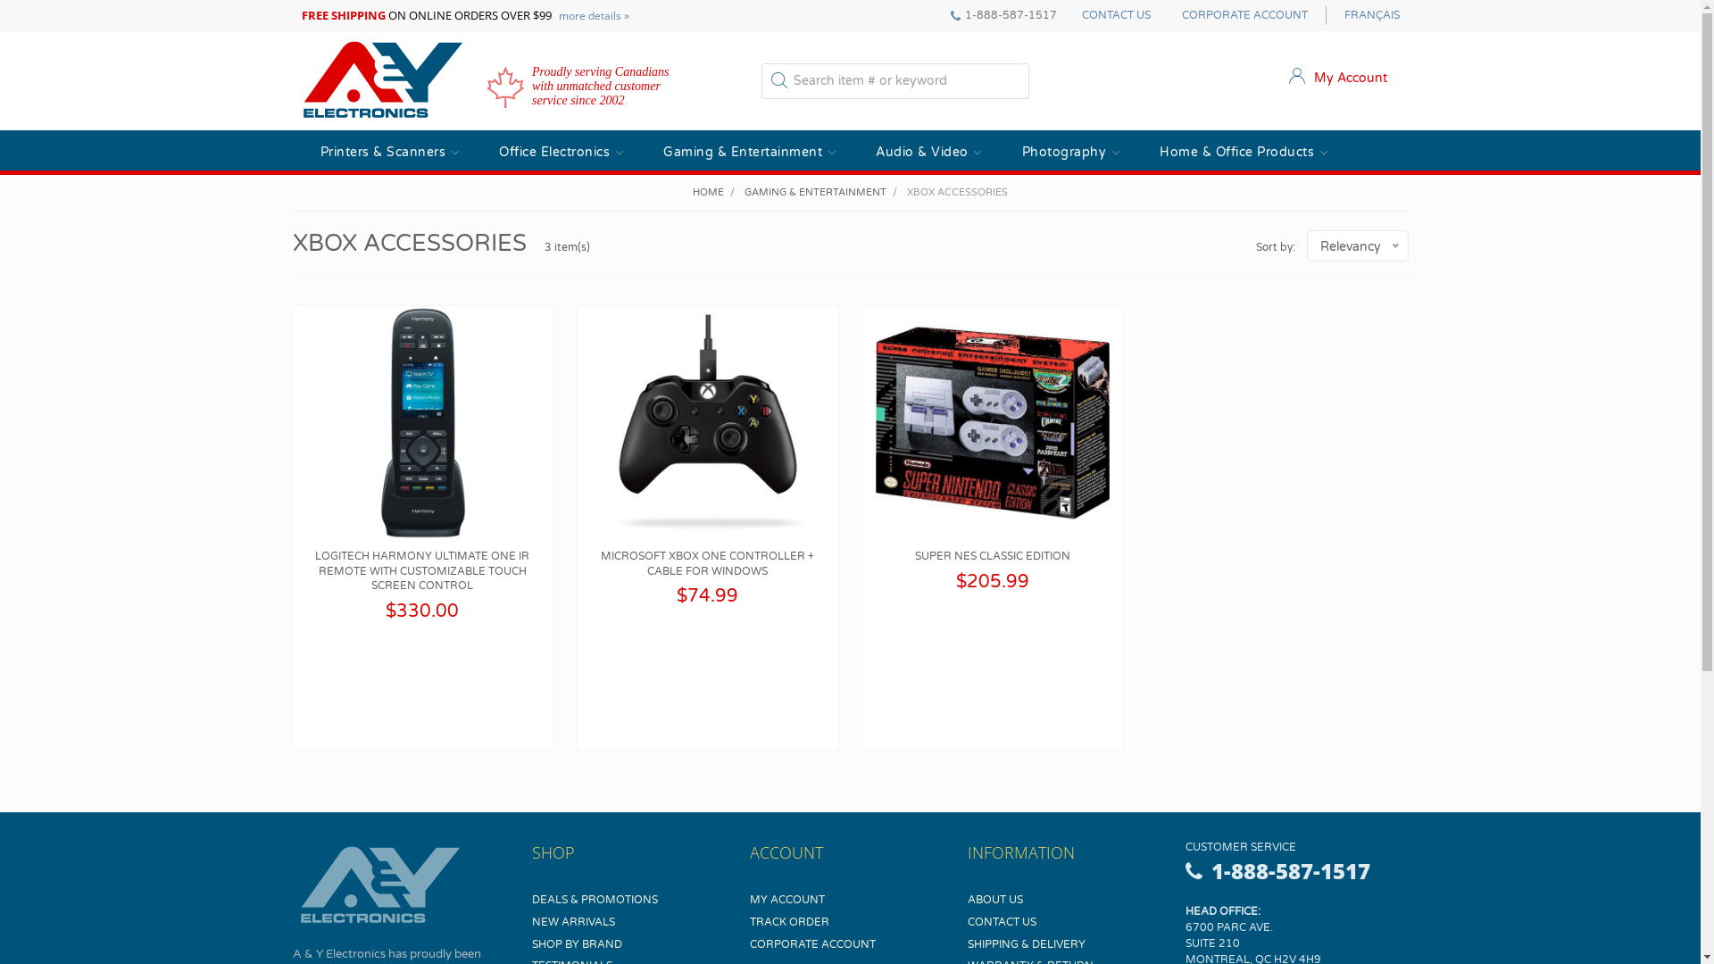 This screenshot has height=964, width=1714. Describe the element at coordinates (530, 899) in the screenshot. I see `'DEALS & PROMOTIONS'` at that location.